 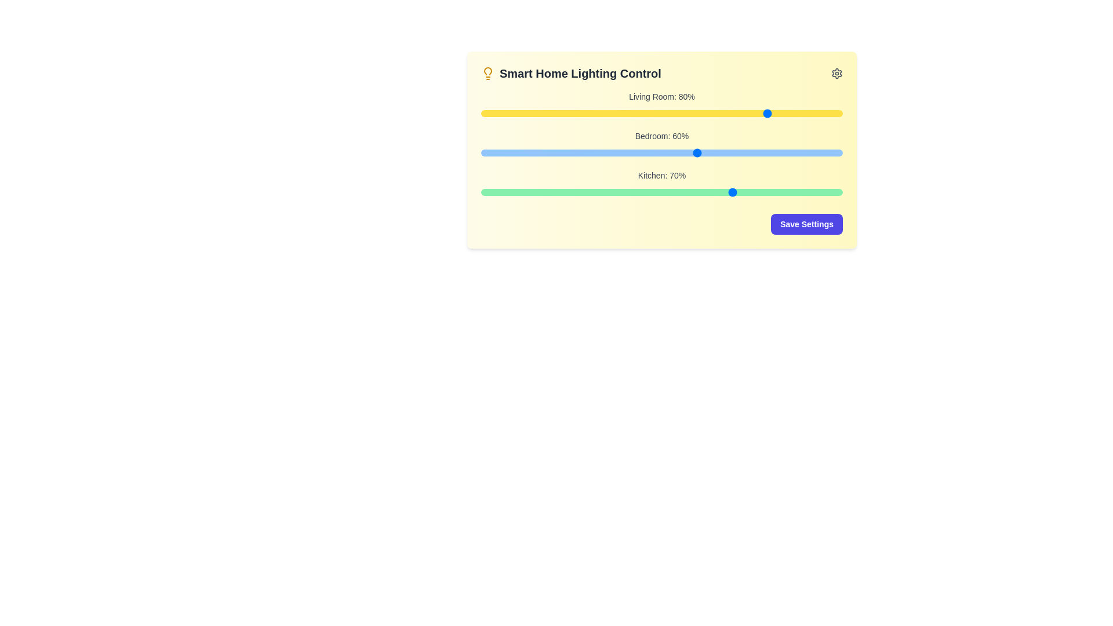 What do you see at coordinates (545, 191) in the screenshot?
I see `the Kitchen light intensity` at bounding box center [545, 191].